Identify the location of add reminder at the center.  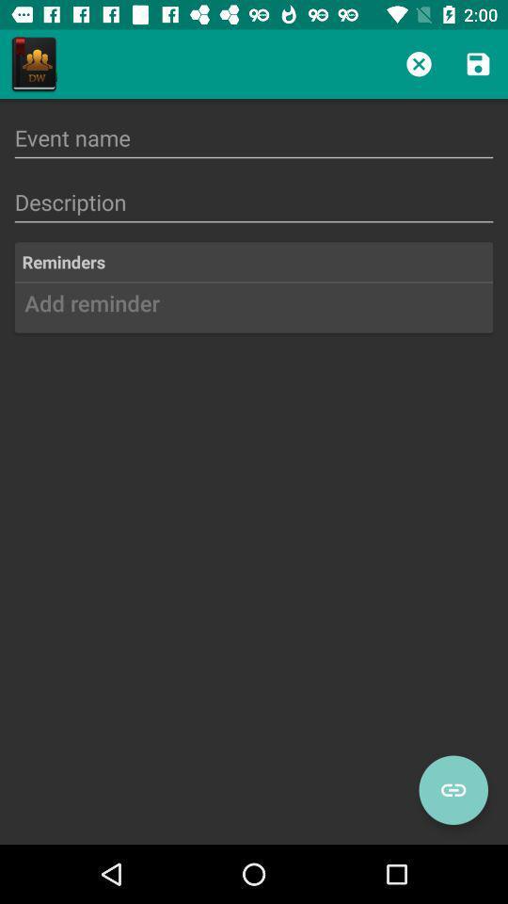
(254, 310).